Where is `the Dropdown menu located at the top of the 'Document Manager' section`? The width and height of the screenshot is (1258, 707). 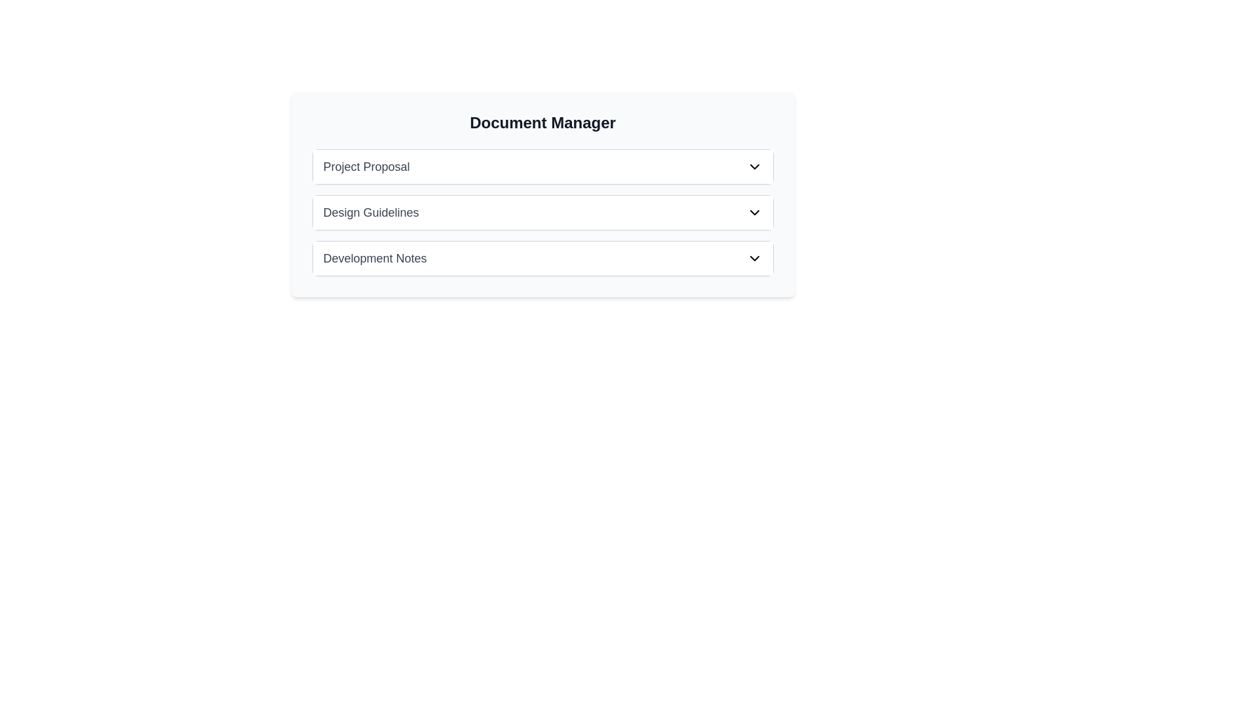 the Dropdown menu located at the top of the 'Document Manager' section is located at coordinates (543, 166).